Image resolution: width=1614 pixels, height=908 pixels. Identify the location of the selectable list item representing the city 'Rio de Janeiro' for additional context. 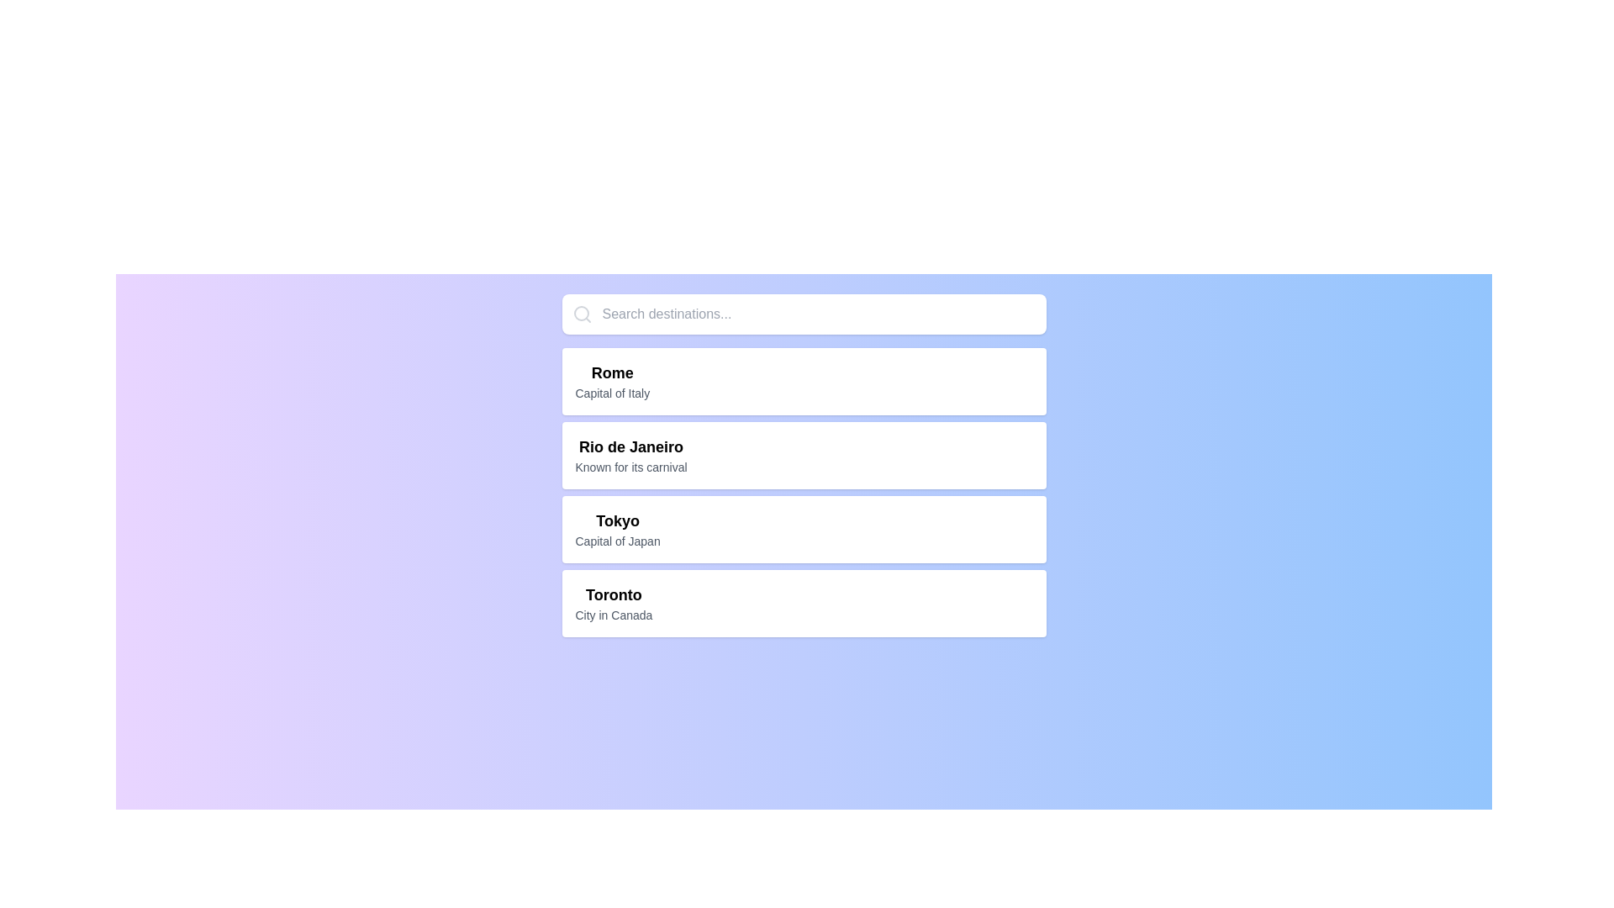
(630, 456).